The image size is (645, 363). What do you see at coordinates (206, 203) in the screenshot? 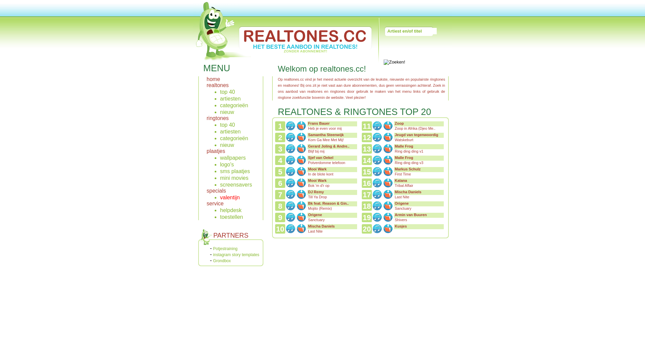
I see `'service'` at bounding box center [206, 203].